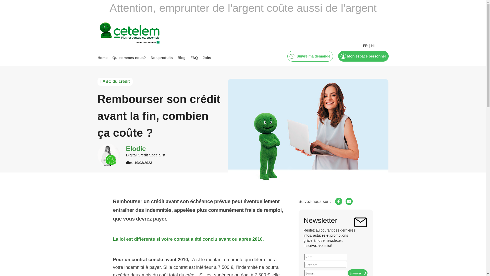 Image resolution: width=490 pixels, height=276 pixels. Describe the element at coordinates (181, 57) in the screenshot. I see `'Blog'` at that location.